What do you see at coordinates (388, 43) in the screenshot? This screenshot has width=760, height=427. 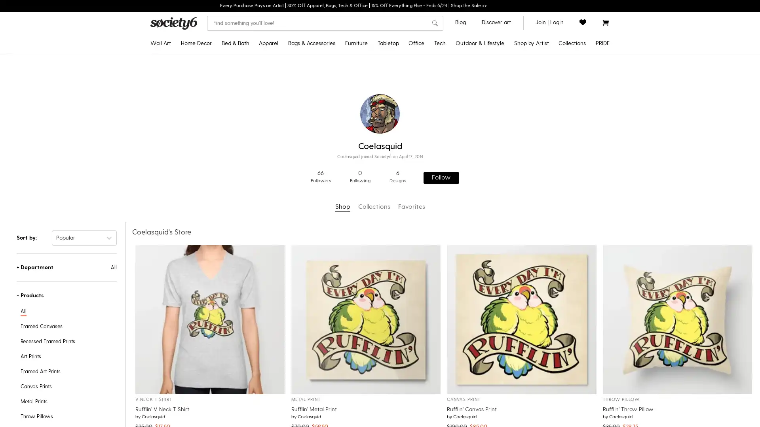 I see `Tabletop` at bounding box center [388, 43].